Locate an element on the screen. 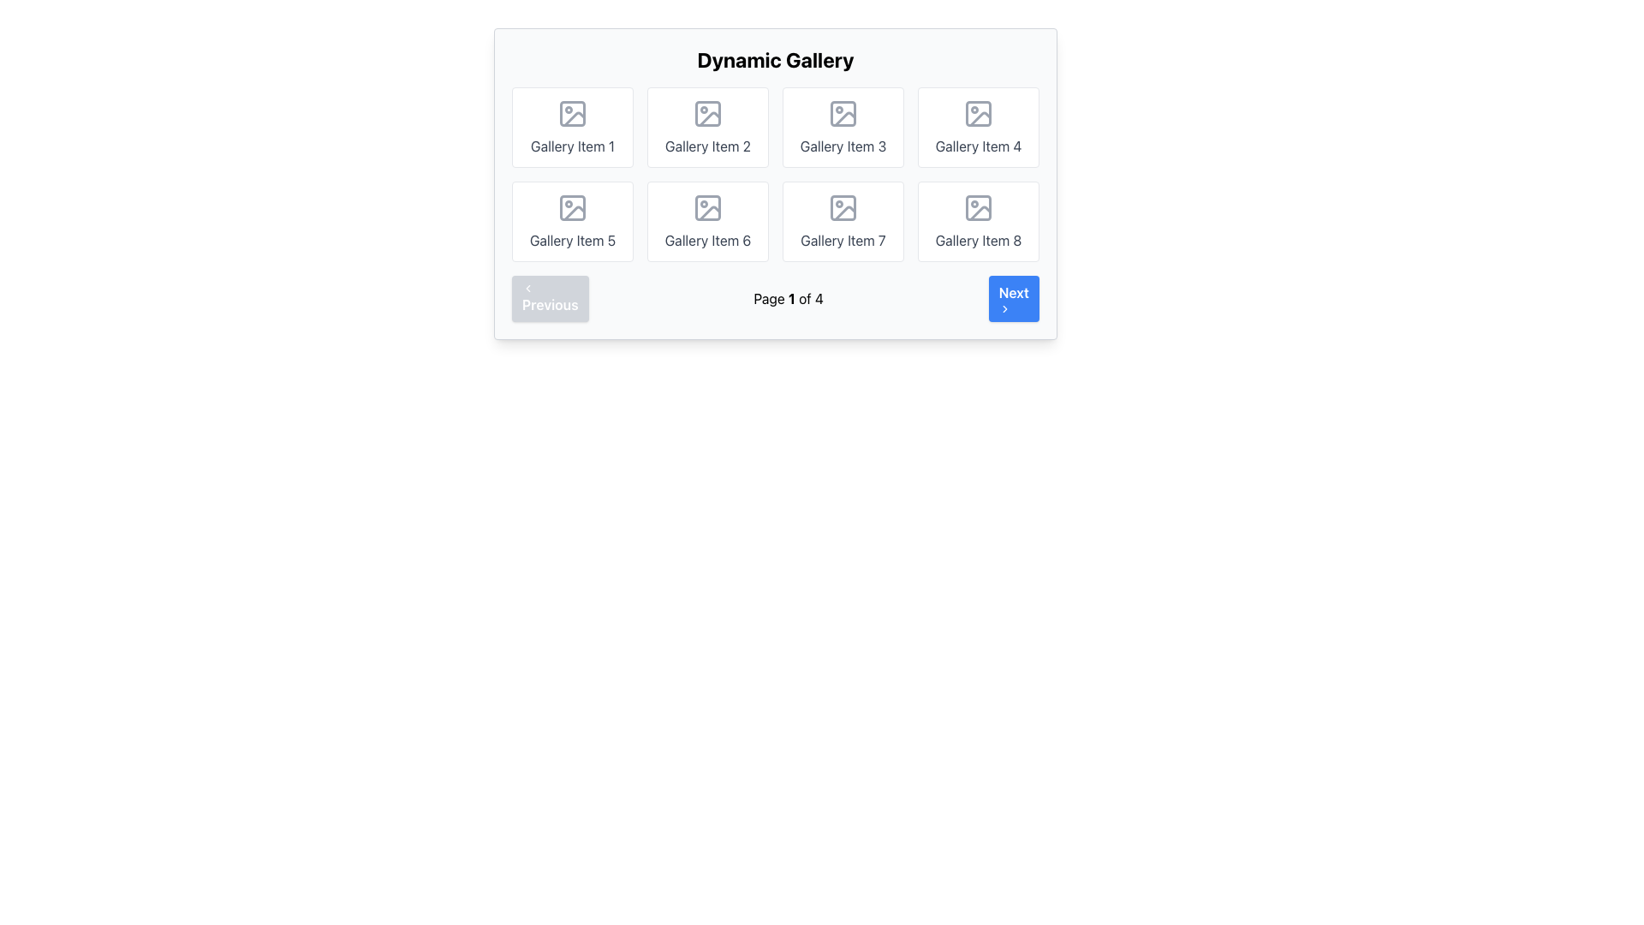 This screenshot has width=1644, height=925. the 'Previous' button with a light blue background and leftward arrow icon is located at coordinates (550, 297).